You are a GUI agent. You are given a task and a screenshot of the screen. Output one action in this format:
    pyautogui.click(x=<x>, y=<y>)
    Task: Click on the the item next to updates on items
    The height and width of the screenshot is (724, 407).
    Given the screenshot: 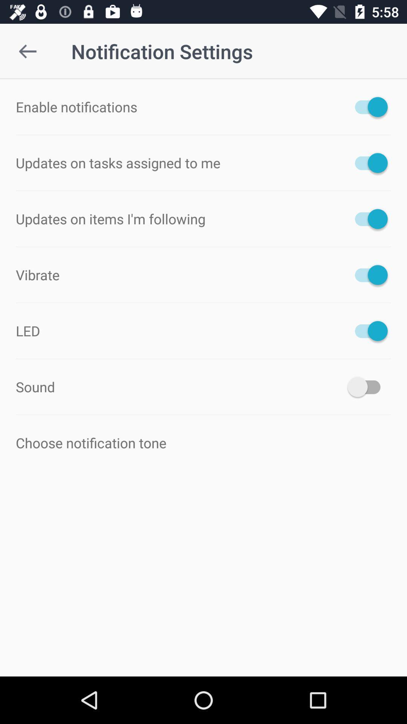 What is the action you would take?
    pyautogui.click(x=367, y=218)
    